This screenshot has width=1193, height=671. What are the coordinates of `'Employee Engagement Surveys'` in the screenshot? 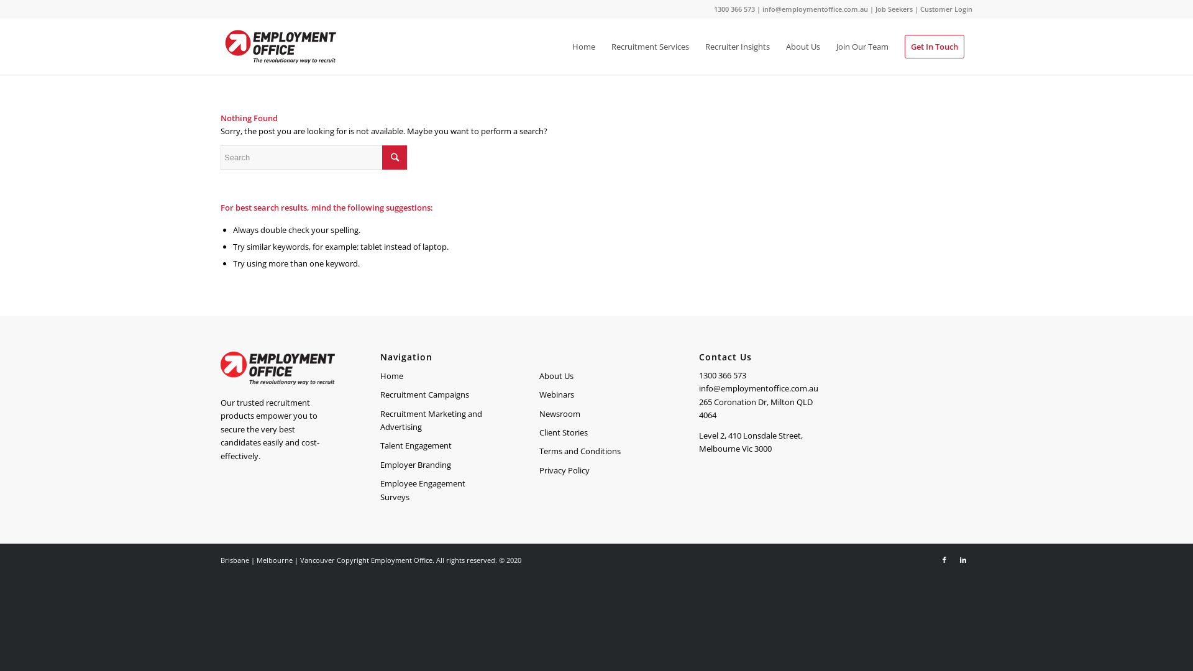 It's located at (437, 490).